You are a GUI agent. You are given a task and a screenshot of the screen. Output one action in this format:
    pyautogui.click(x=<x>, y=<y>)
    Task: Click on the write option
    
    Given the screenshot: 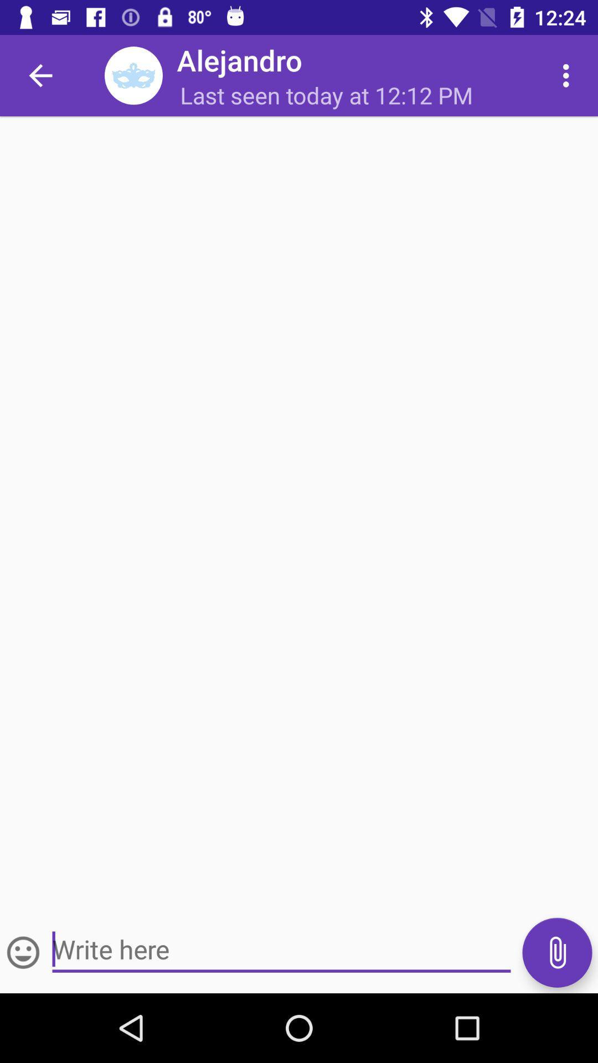 What is the action you would take?
    pyautogui.click(x=23, y=952)
    